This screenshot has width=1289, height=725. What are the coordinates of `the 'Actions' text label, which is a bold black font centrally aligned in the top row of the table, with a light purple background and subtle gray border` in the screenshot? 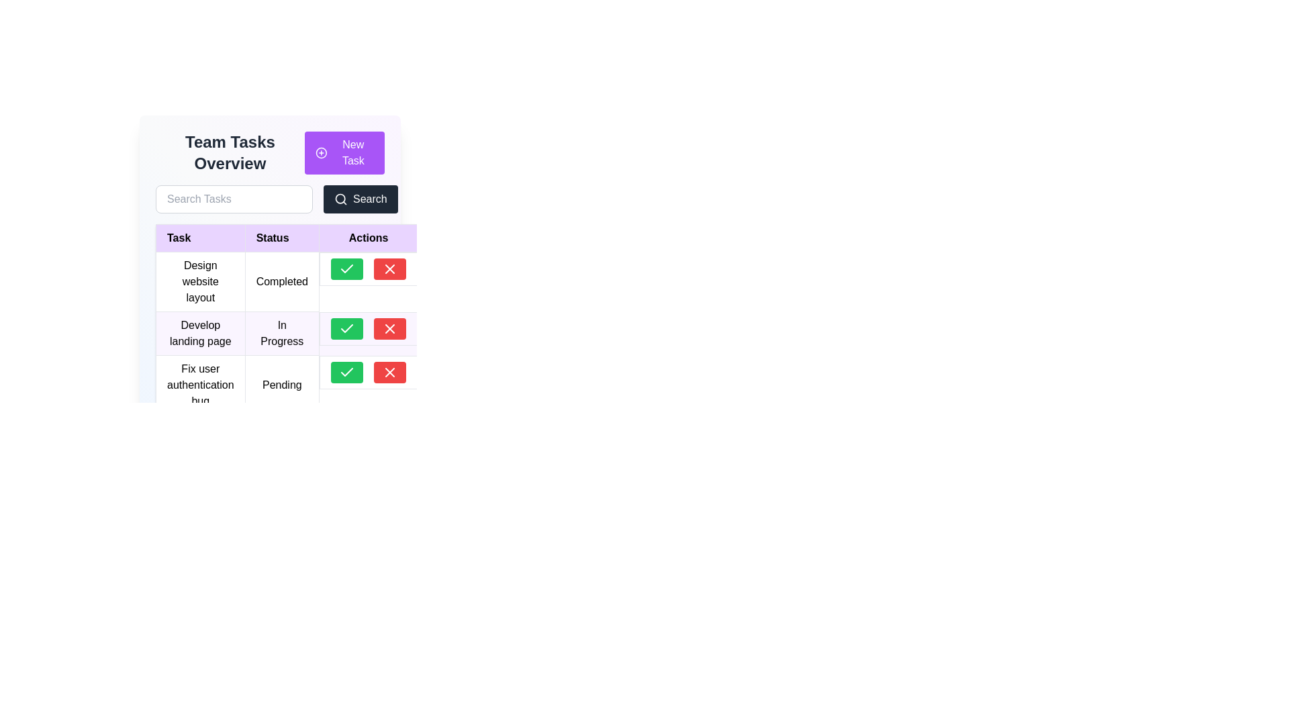 It's located at (368, 237).